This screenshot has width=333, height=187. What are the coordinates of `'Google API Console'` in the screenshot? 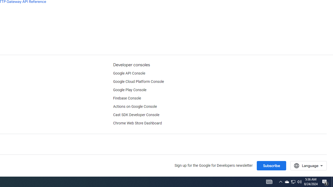 It's located at (129, 73).